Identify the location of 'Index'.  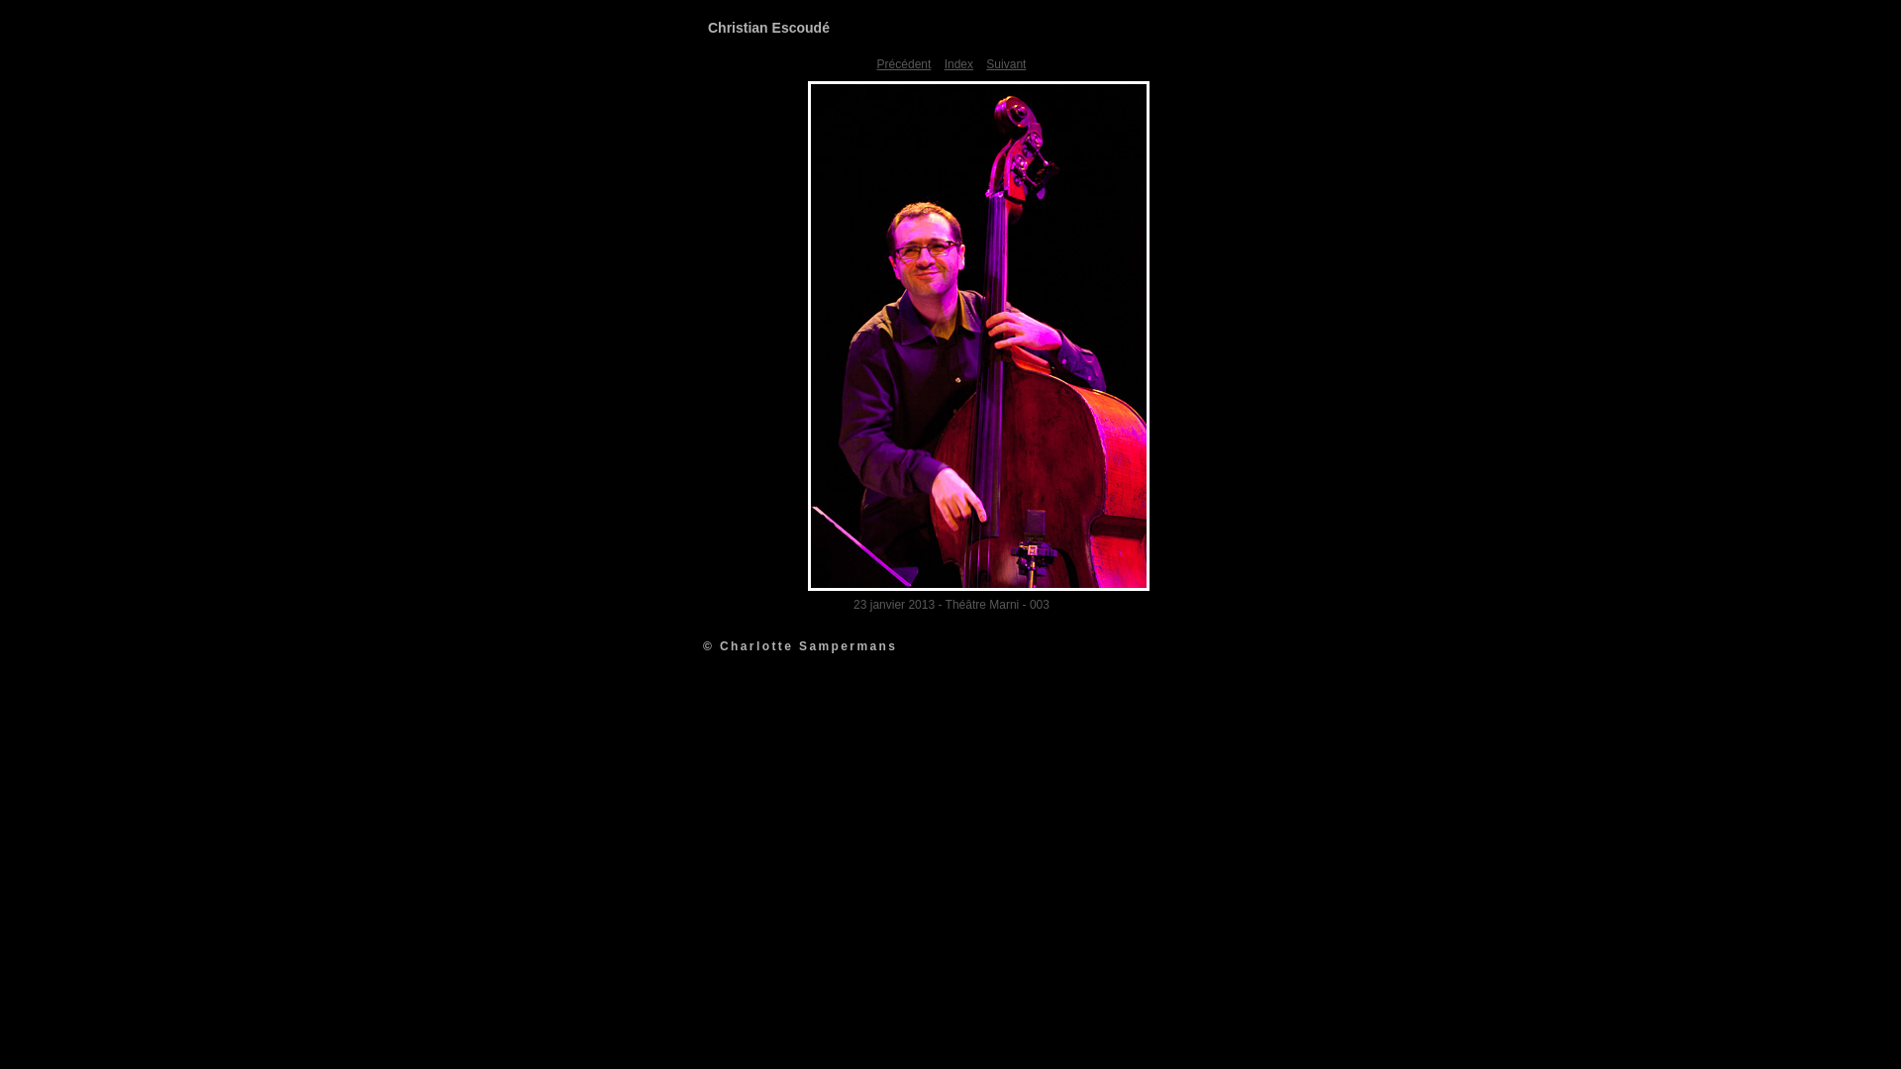
(958, 63).